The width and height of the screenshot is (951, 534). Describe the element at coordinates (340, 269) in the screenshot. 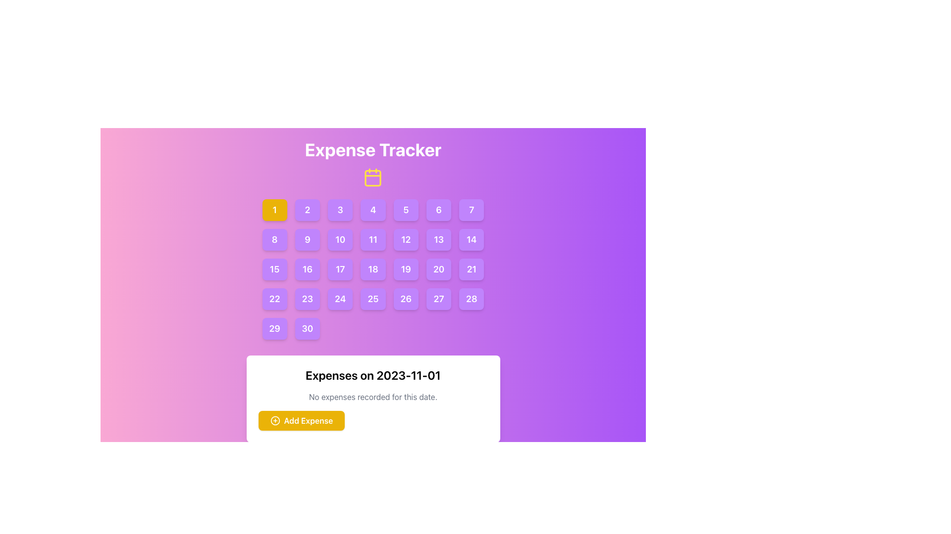

I see `the button labeled '17' with a purple background and white bold text` at that location.